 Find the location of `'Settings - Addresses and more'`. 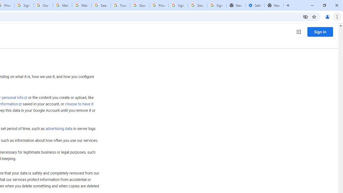

'Settings - Addresses and more' is located at coordinates (255, 5).